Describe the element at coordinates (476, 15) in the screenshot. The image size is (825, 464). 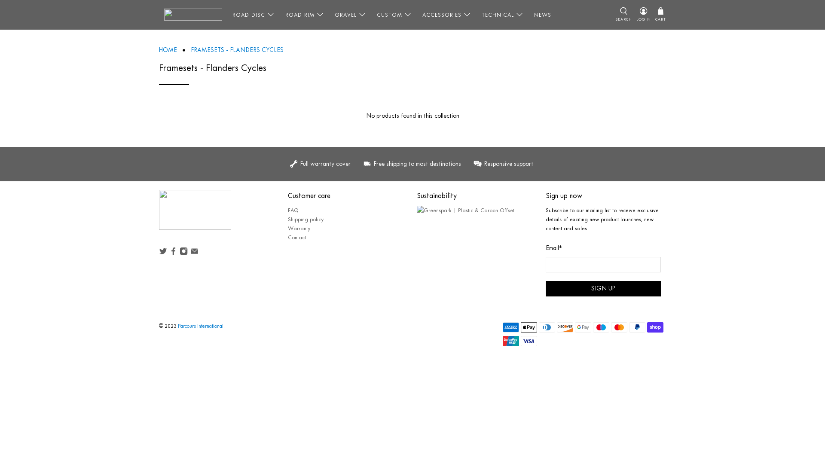
I see `'TECHNICAL'` at that location.